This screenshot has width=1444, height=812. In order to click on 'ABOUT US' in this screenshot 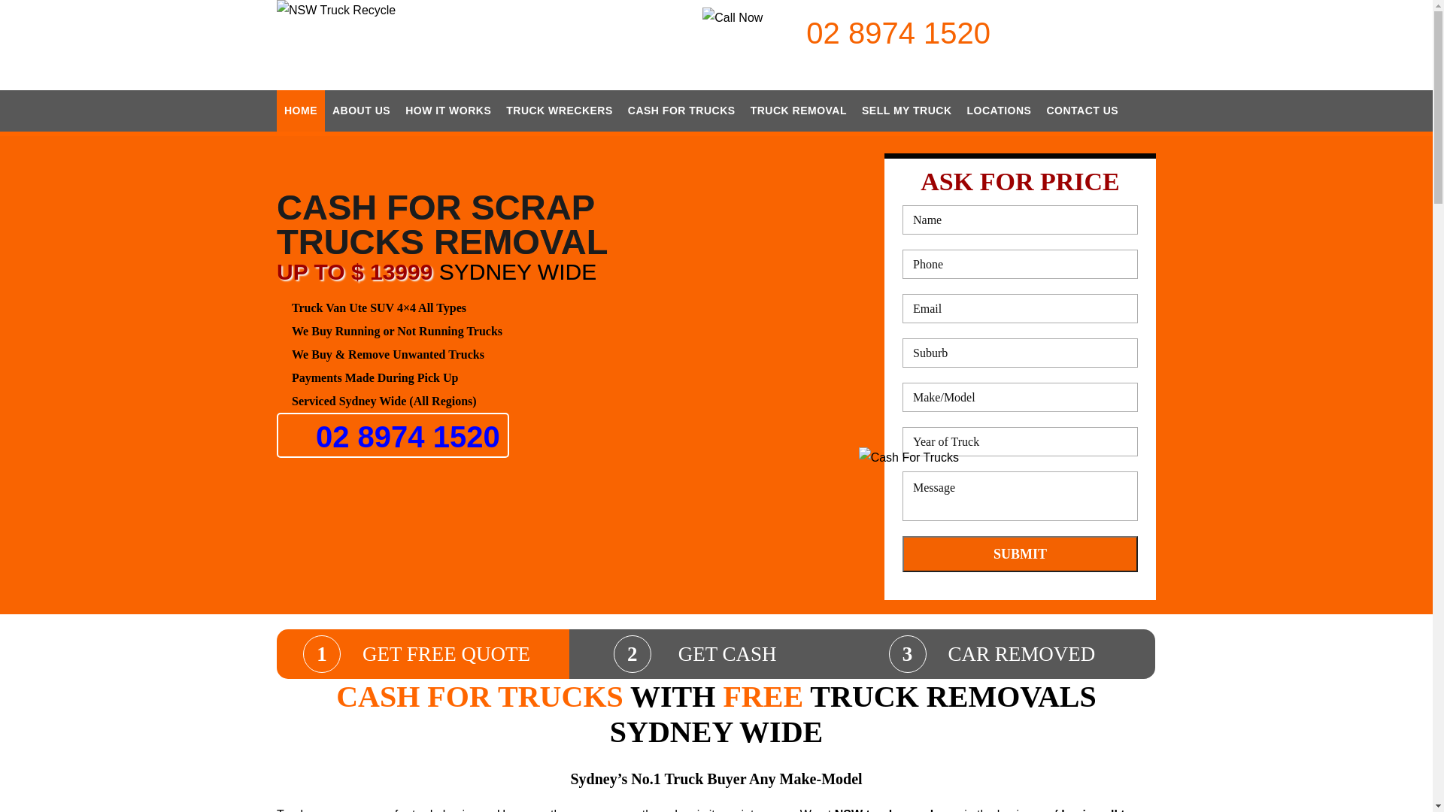, I will do `click(361, 110)`.